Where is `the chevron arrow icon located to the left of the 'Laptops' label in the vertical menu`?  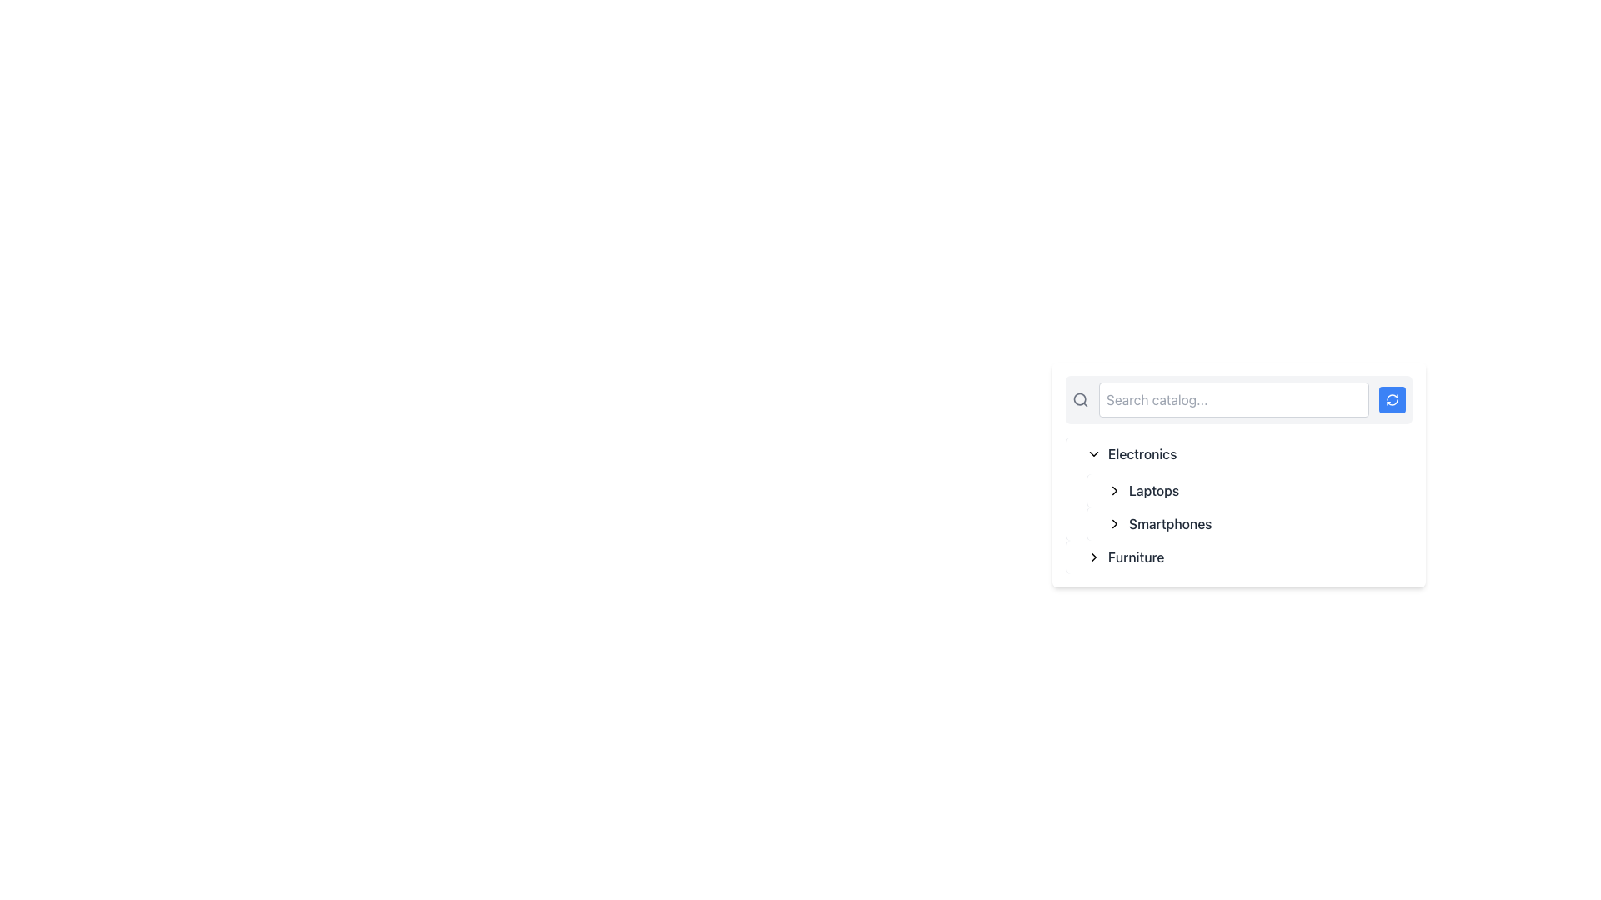
the chevron arrow icon located to the left of the 'Laptops' label in the vertical menu is located at coordinates (1115, 490).